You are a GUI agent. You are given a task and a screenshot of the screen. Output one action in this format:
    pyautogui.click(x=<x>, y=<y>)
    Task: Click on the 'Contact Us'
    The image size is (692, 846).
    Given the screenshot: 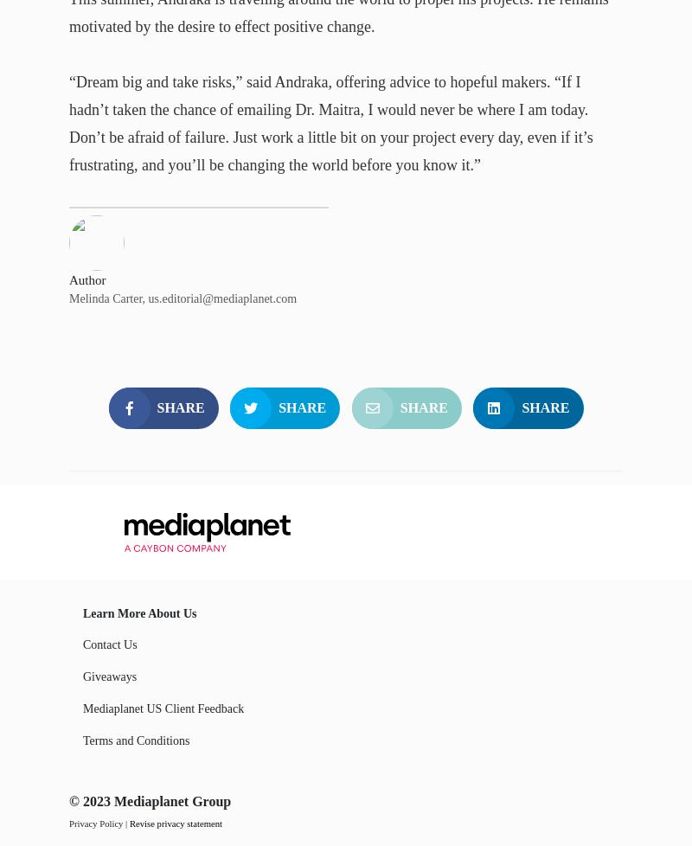 What is the action you would take?
    pyautogui.click(x=109, y=643)
    